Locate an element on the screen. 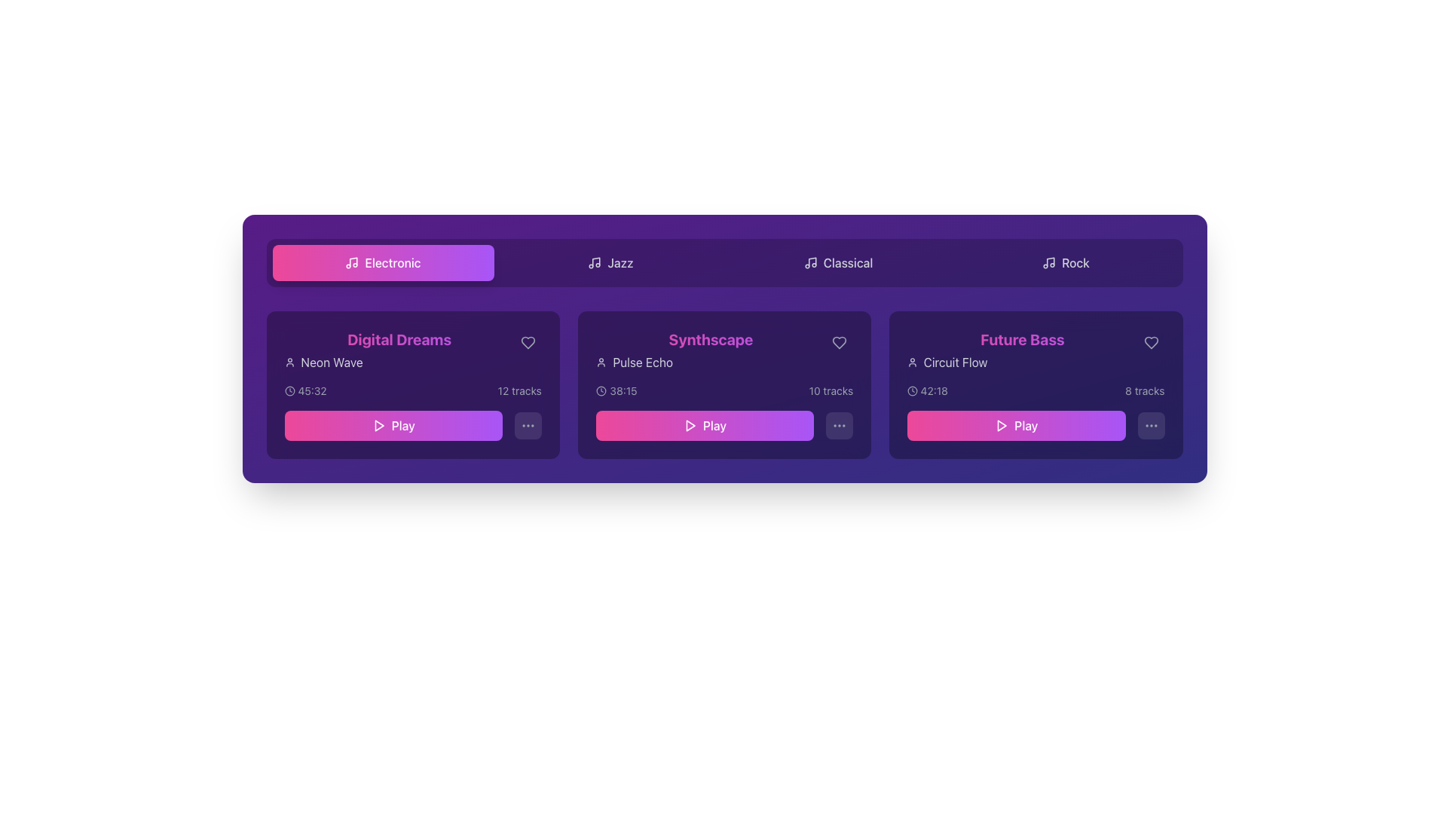 The height and width of the screenshot is (814, 1447). text label 'Future Bass' which is displayed in bold, large font with a gradient color effect, located in the upper section of the third music card from the left is located at coordinates (1022, 340).